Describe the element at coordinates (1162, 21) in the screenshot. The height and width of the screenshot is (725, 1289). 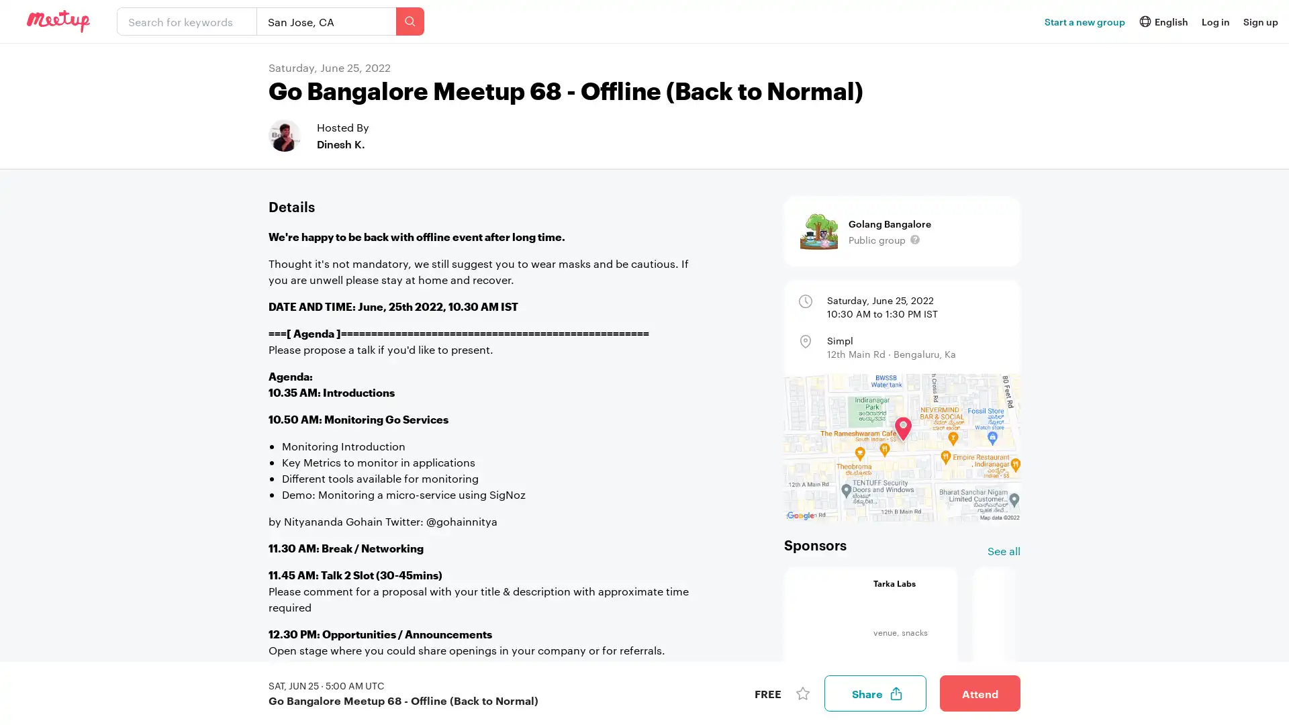
I see `icon English` at that location.